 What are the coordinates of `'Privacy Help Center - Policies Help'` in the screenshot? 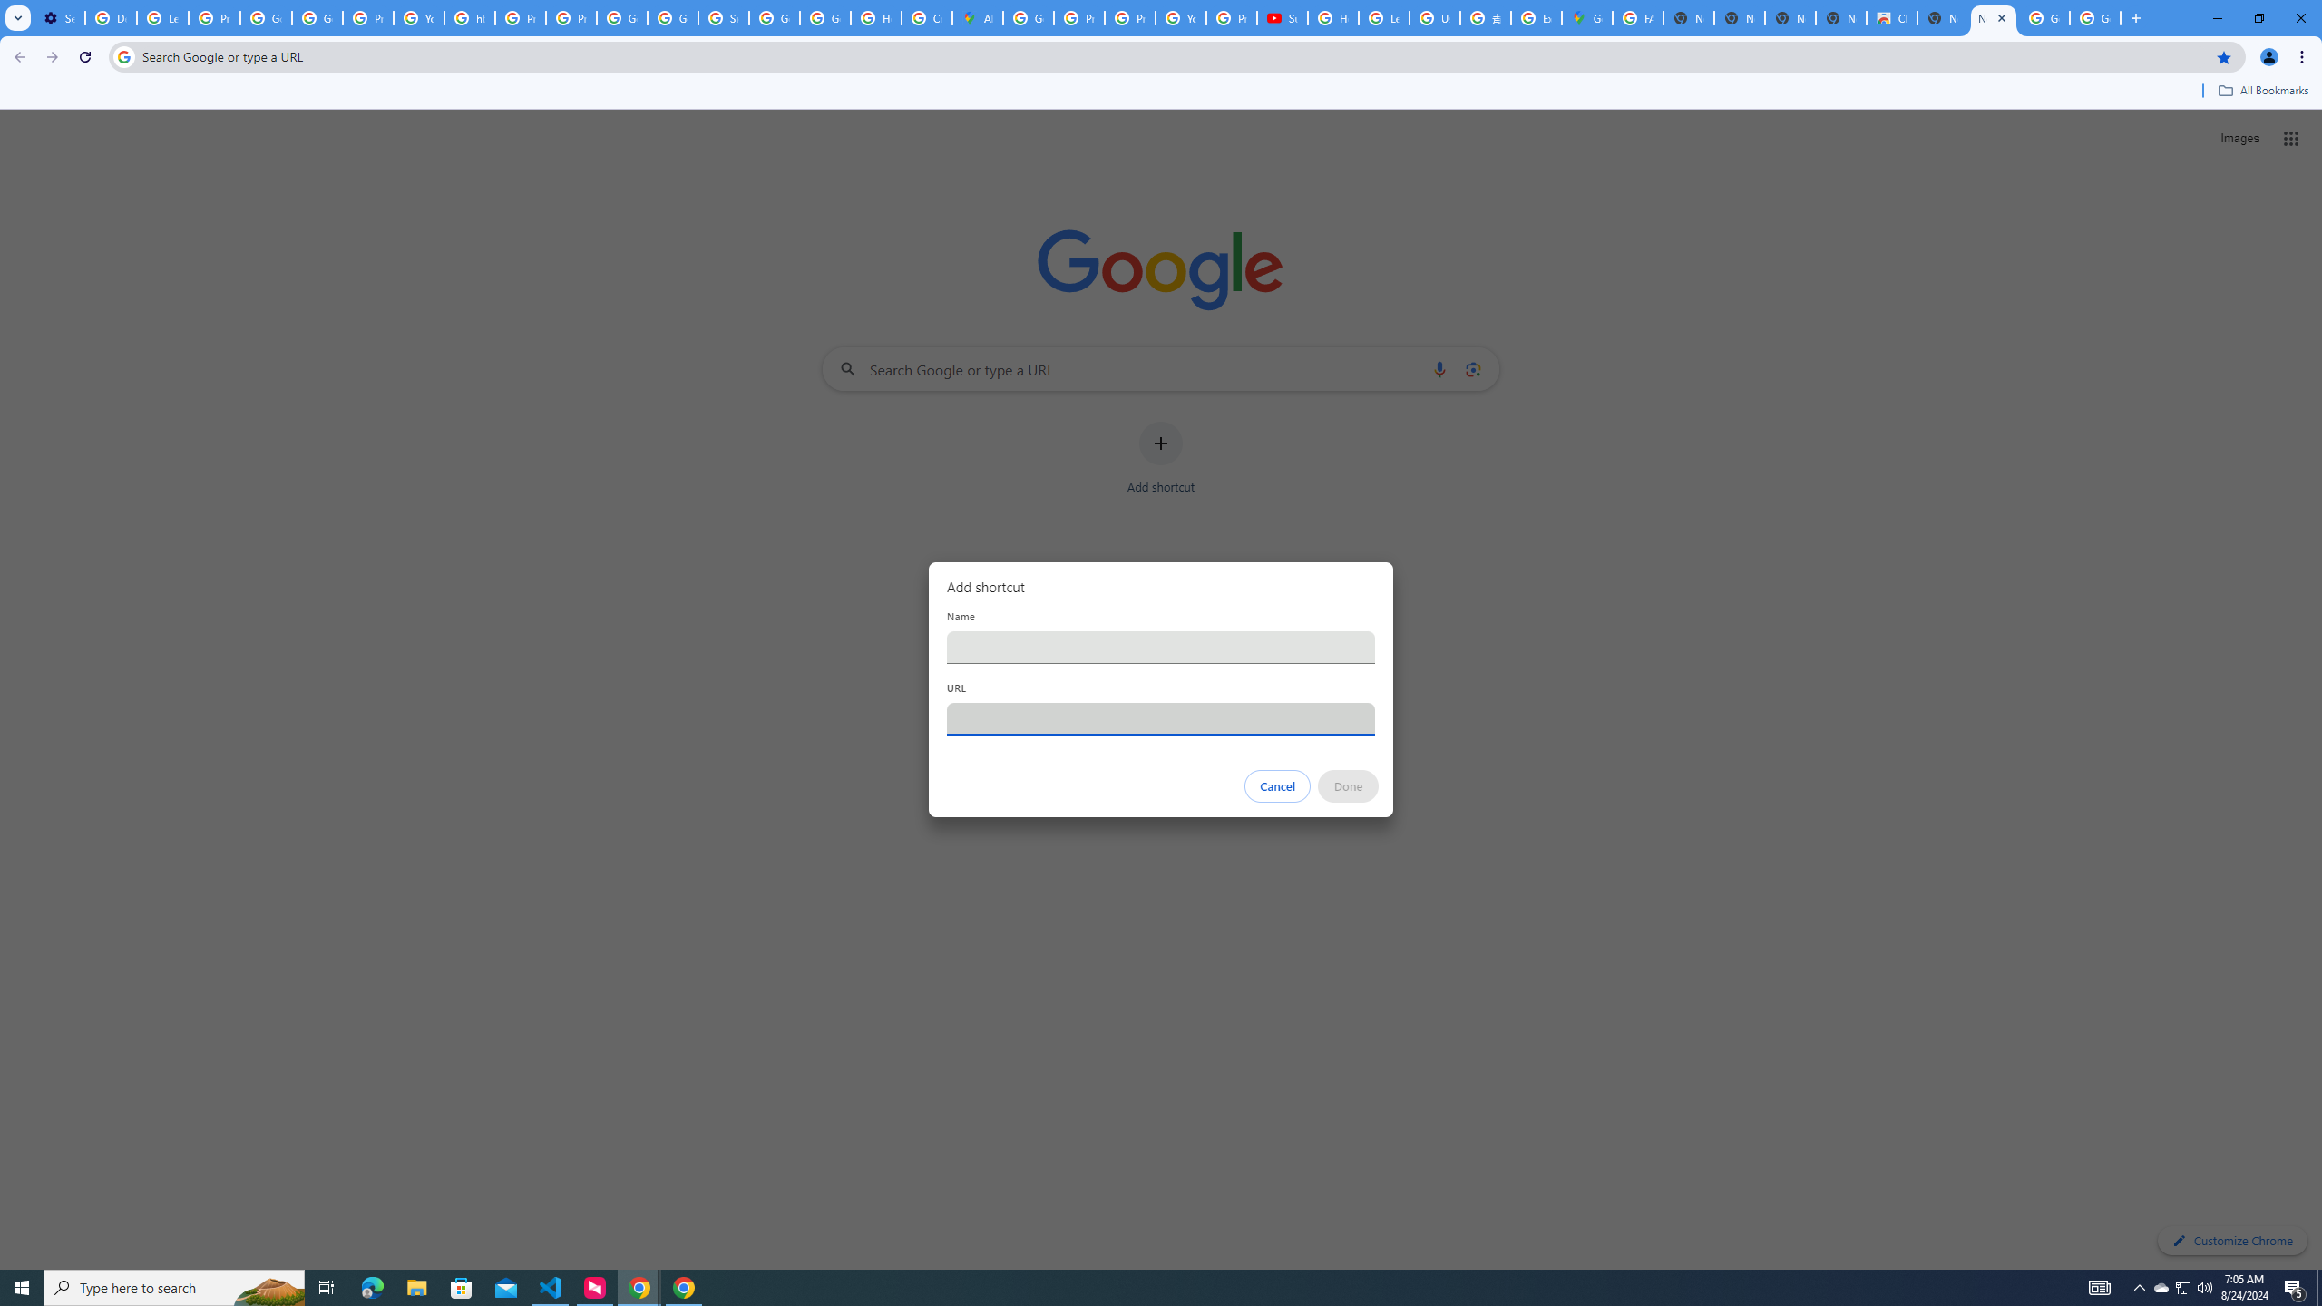 It's located at (1078, 17).